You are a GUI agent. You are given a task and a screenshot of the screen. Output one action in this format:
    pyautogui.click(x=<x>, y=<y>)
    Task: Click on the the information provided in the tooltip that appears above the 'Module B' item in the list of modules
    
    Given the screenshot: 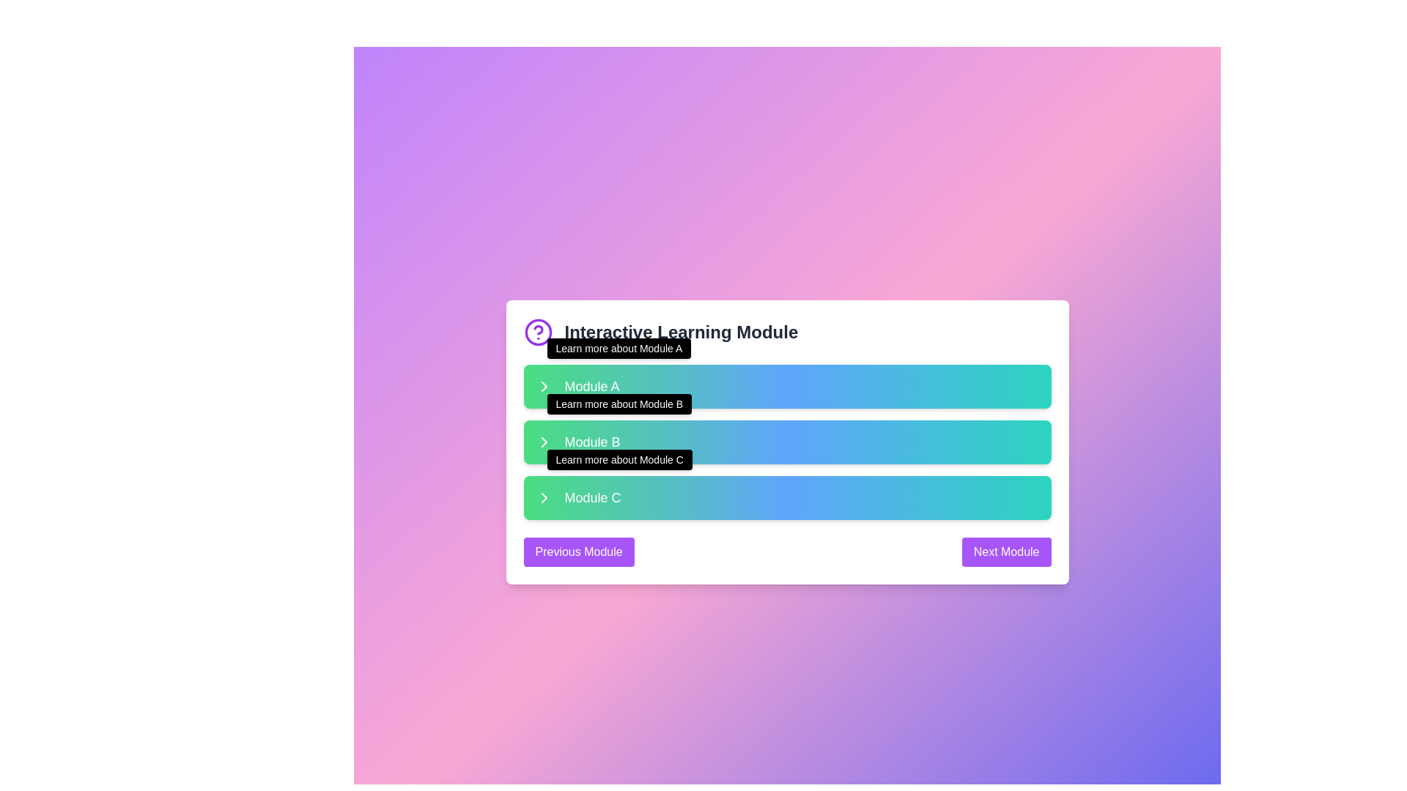 What is the action you would take?
    pyautogui.click(x=619, y=404)
    